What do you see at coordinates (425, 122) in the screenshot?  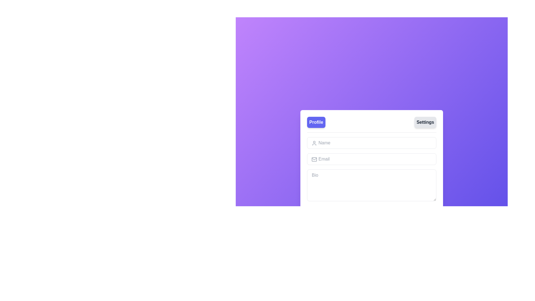 I see `the 'Settings' button, which is a rectangular button with rounded corners, gray background, and bold black text` at bounding box center [425, 122].